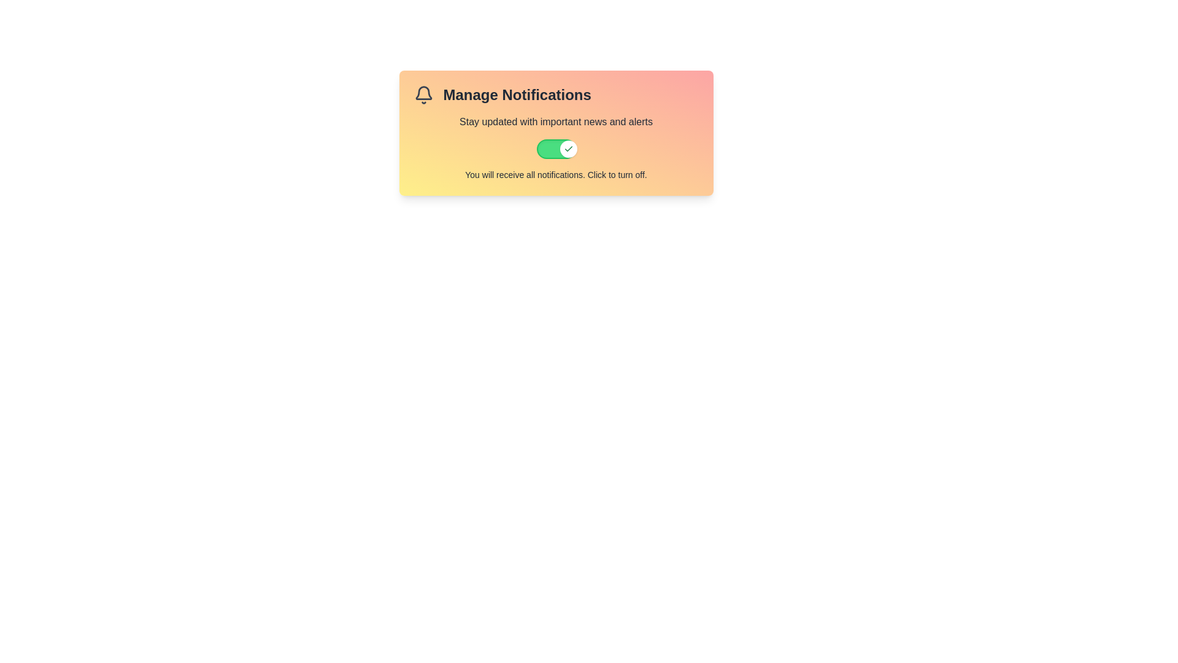  Describe the element at coordinates (568, 149) in the screenshot. I see `the state of the checkmark icon indicating notifications are enabled, located on the right side of the green toggle switch in the notification settings card` at that location.